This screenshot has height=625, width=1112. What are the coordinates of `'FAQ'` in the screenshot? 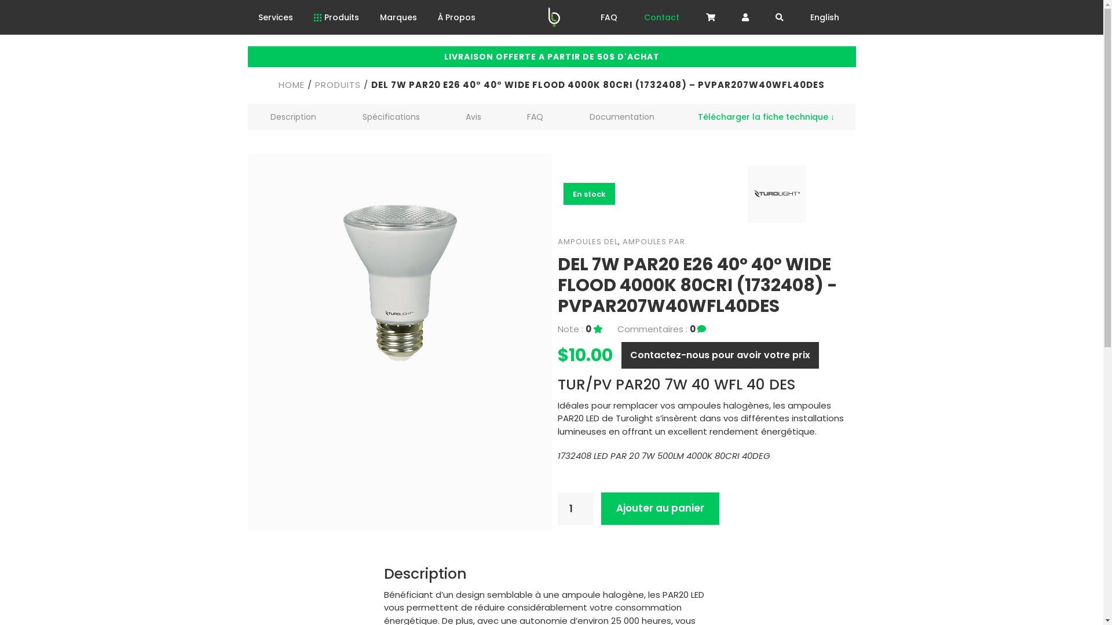 It's located at (535, 116).